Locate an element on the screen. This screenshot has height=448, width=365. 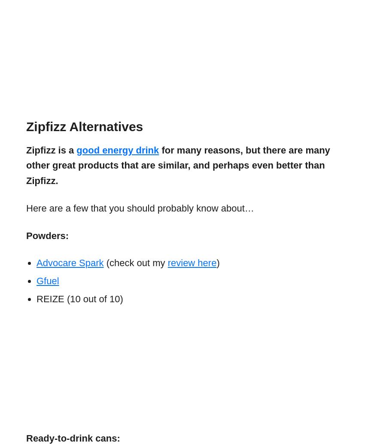
'good energy drink' is located at coordinates (117, 149).